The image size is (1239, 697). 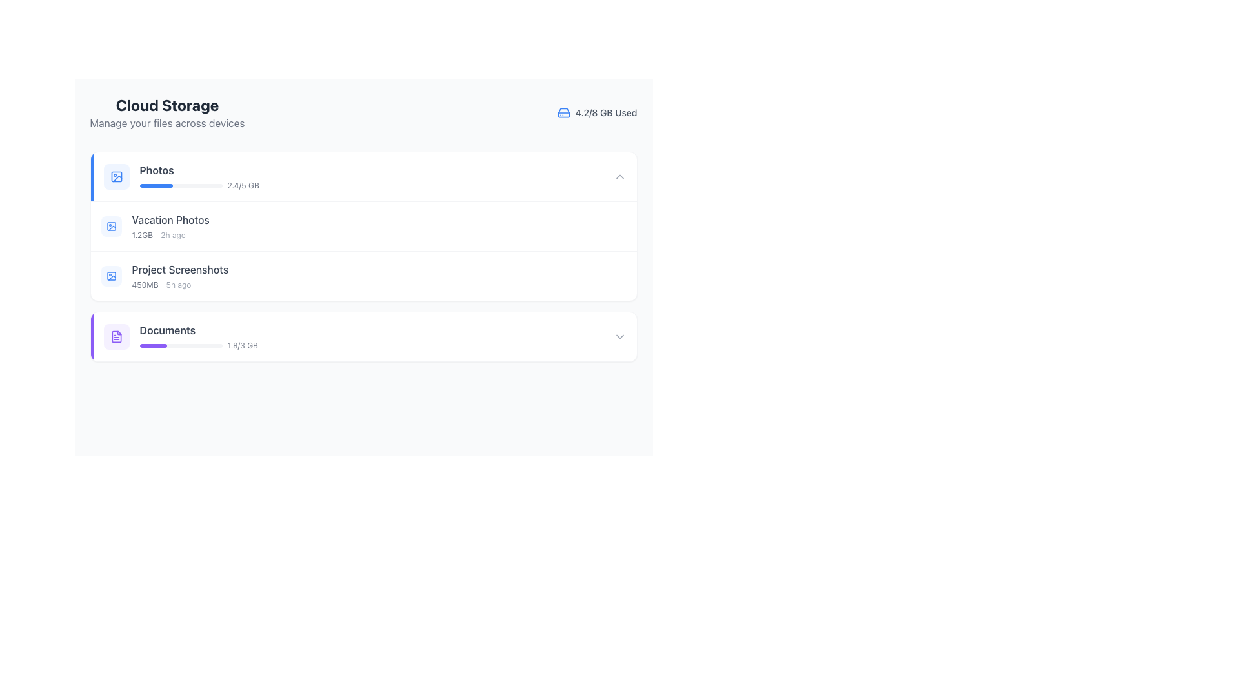 What do you see at coordinates (593, 276) in the screenshot?
I see `the share button located in the interactive options section, positioned to the right of the 'Project Screenshots' item` at bounding box center [593, 276].